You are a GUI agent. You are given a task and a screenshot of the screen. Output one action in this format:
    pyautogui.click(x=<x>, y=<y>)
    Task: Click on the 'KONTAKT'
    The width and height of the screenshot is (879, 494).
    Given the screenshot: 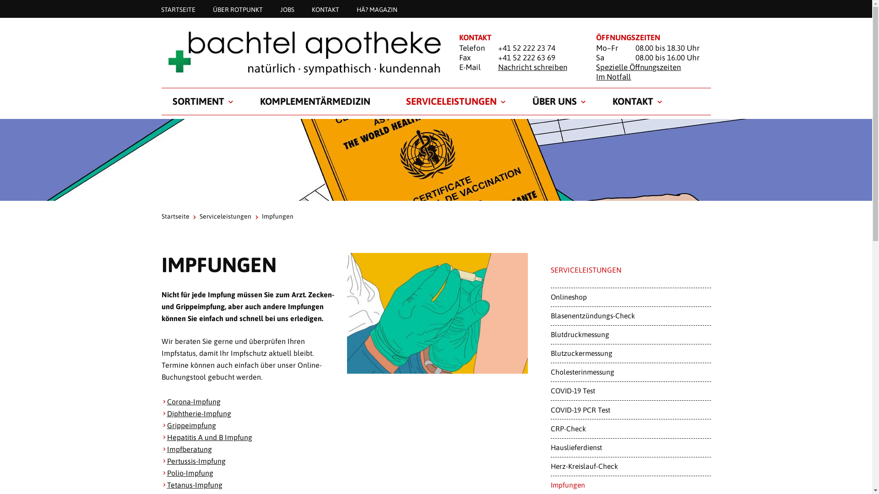 What is the action you would take?
    pyautogui.click(x=325, y=9)
    